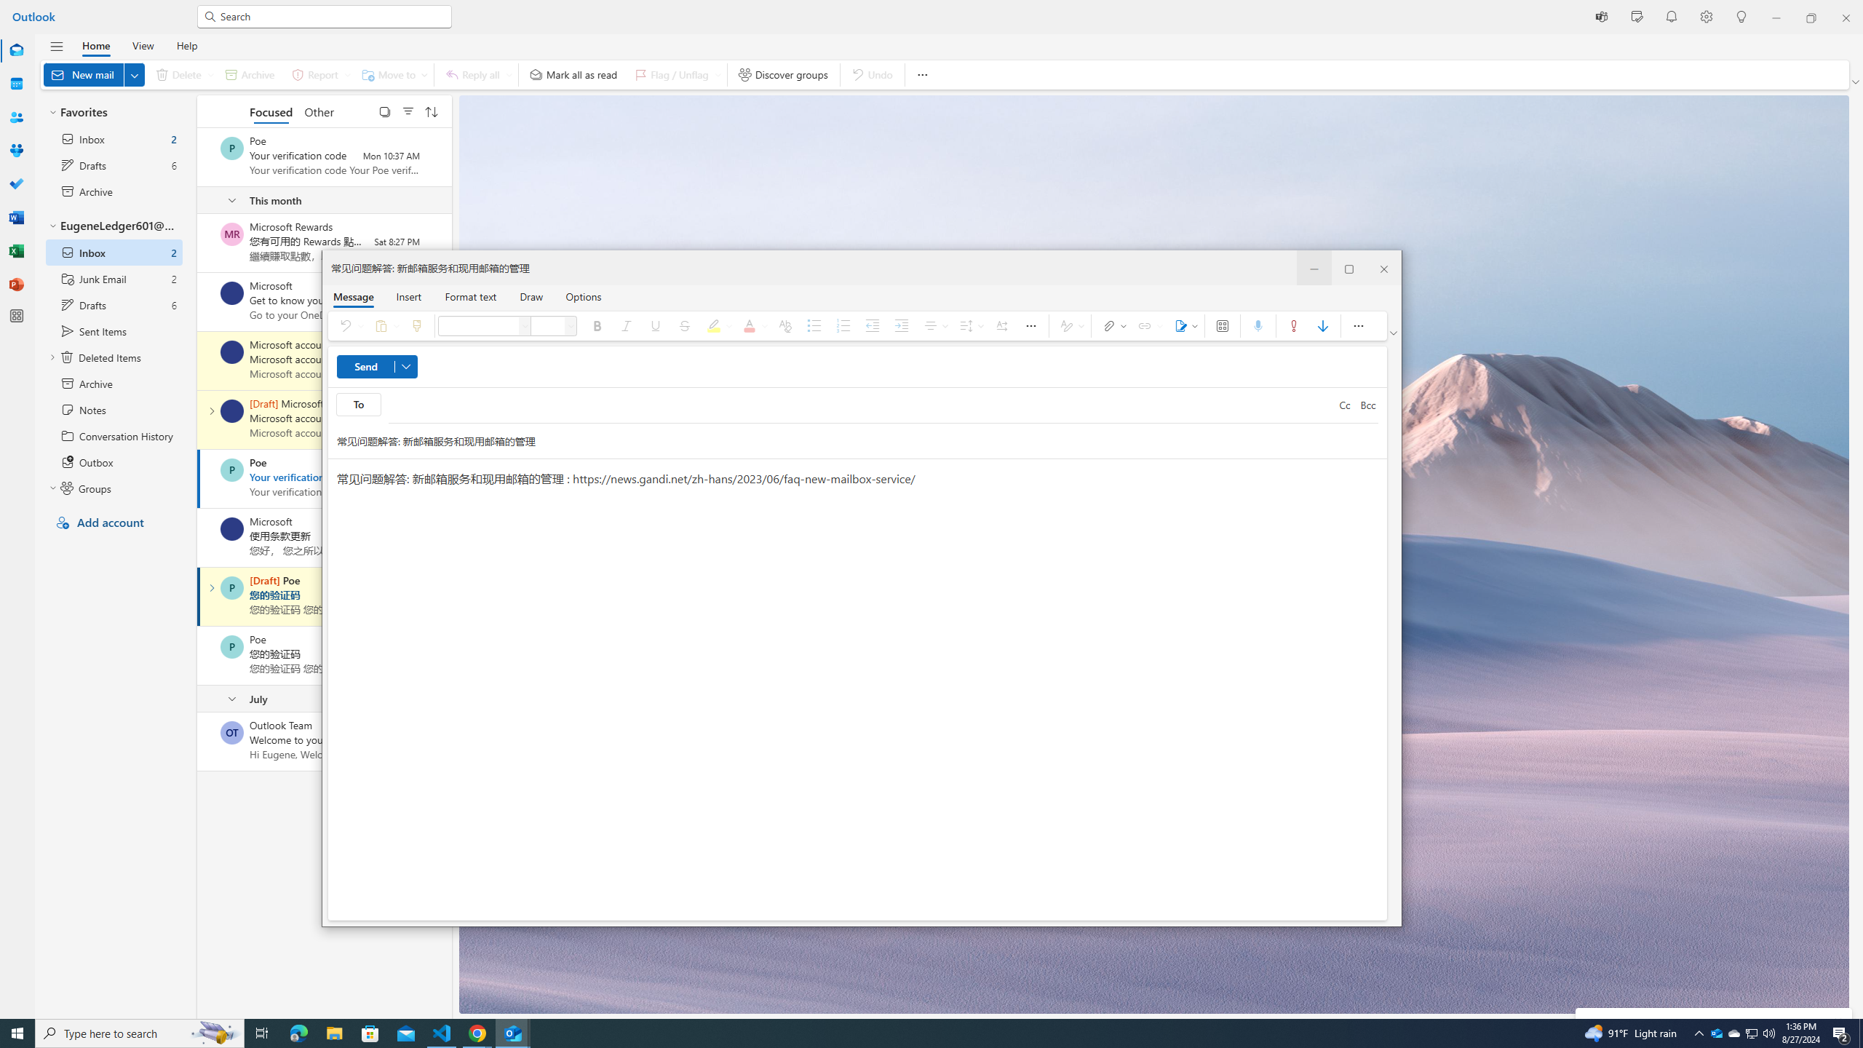 This screenshot has height=1048, width=1863. I want to click on 'Q2790: 100%', so click(1768, 1032).